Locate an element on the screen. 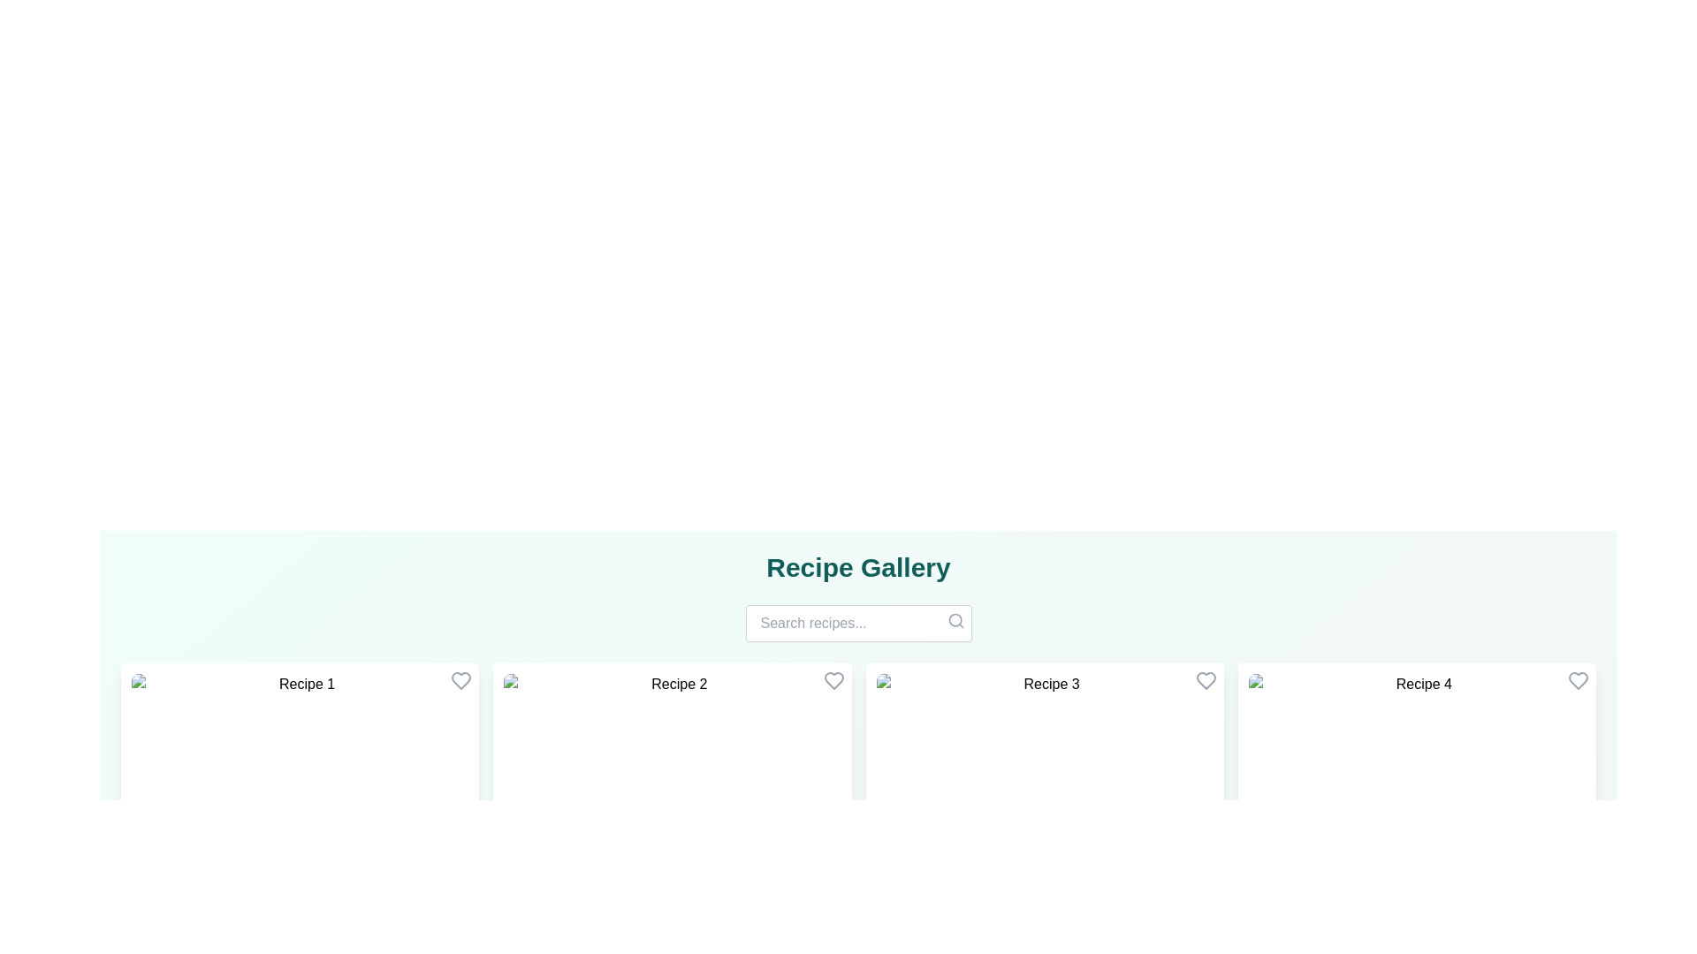 This screenshot has width=1697, height=954. the card representing 'Recipe 3' in the recipe gallery is located at coordinates (1045, 800).